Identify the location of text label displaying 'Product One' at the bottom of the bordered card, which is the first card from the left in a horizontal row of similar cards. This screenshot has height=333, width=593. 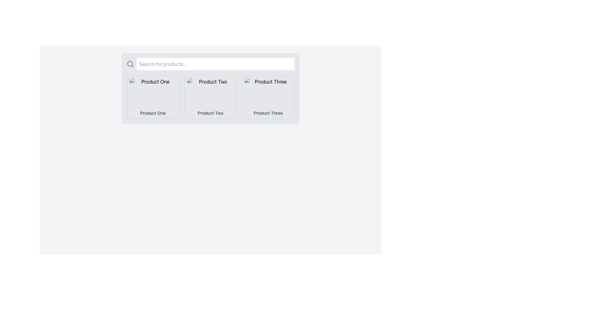
(153, 113).